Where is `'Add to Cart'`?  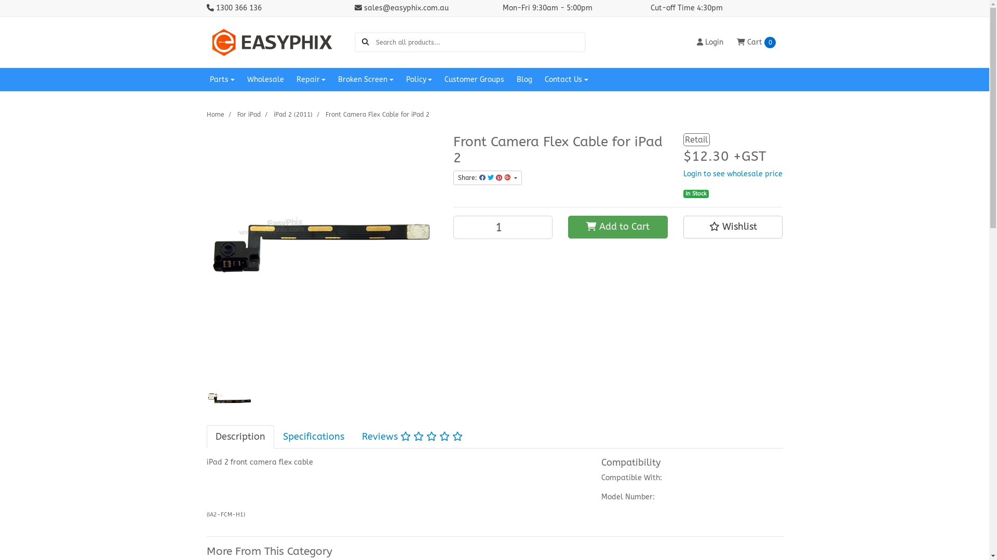 'Add to Cart' is located at coordinates (618, 227).